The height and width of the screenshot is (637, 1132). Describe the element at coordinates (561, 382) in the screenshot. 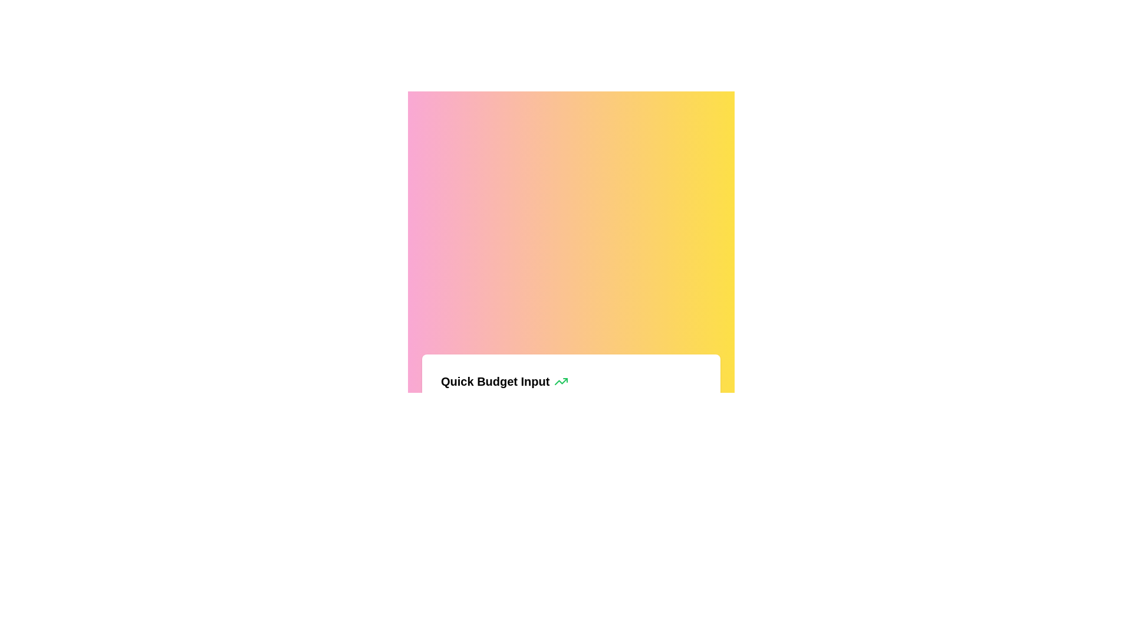

I see `the Icon (Graph Representation) located to the right of the 'Quick Budget Input' label, which indicates growth or progress` at that location.